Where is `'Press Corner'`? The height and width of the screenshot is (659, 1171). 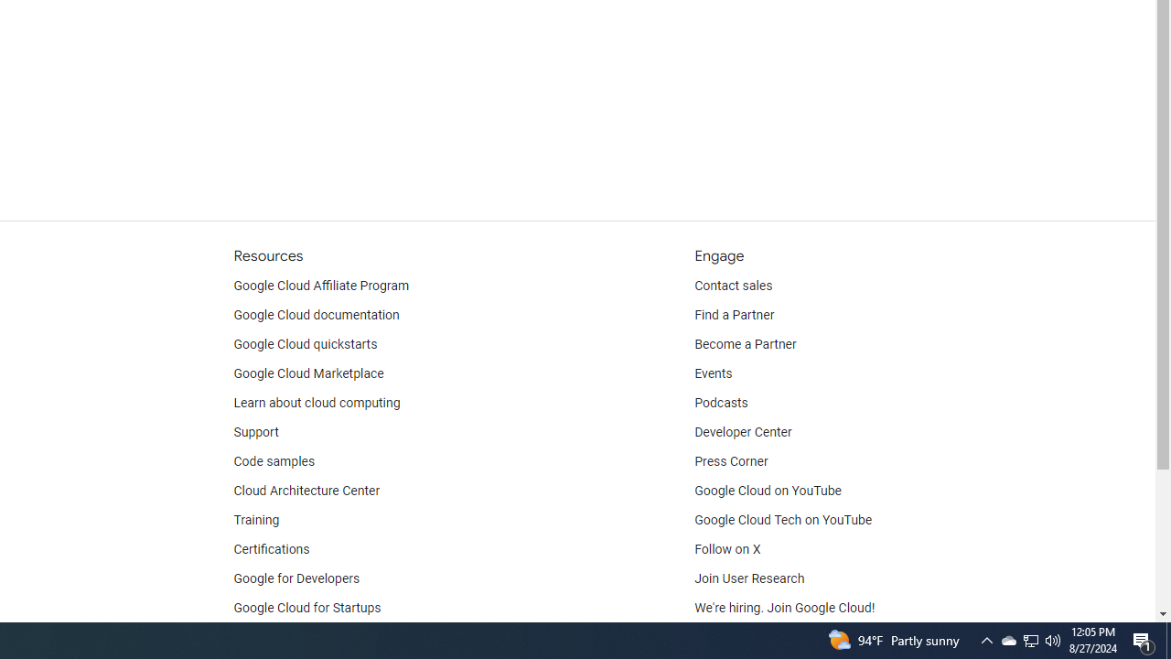 'Press Corner' is located at coordinates (730, 461).